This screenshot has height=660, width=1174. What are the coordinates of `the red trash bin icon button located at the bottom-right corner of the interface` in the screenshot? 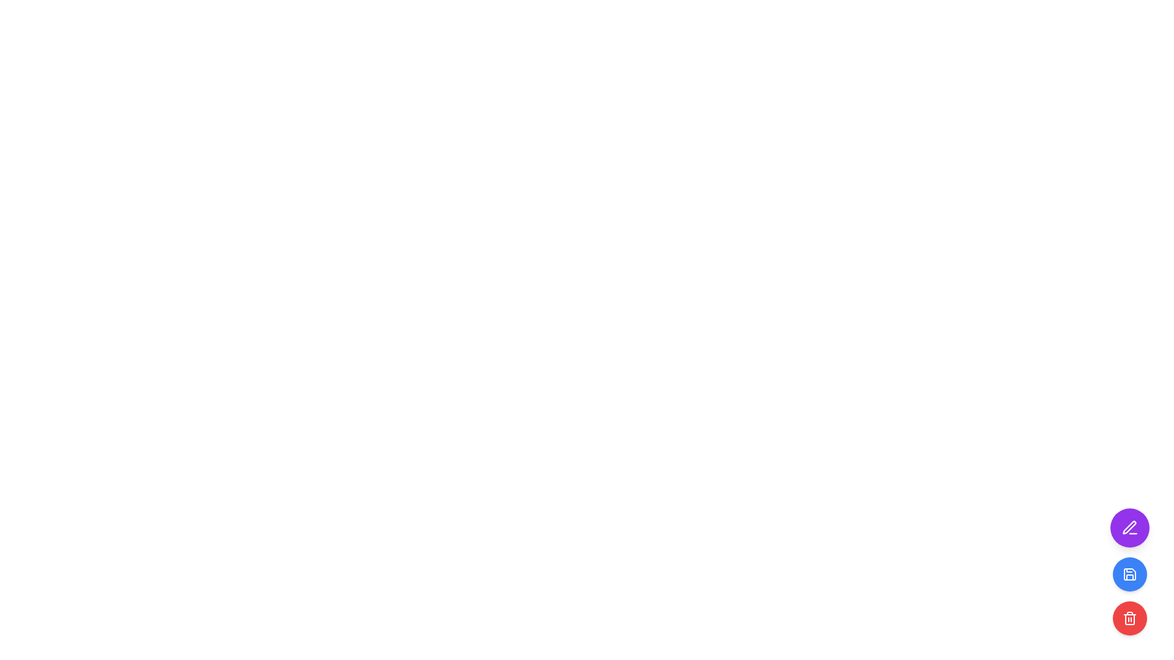 It's located at (1129, 618).